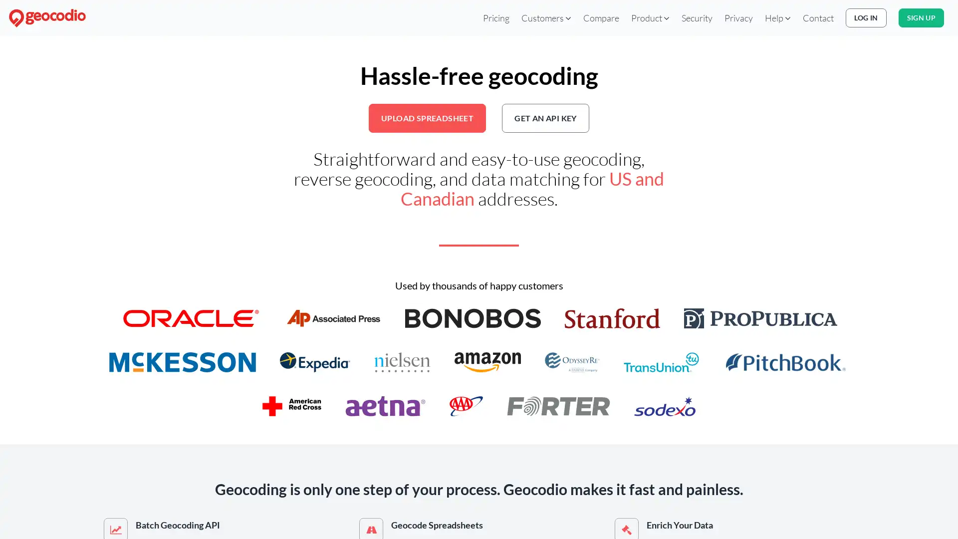 The width and height of the screenshot is (958, 539). What do you see at coordinates (545, 17) in the screenshot?
I see `Customers` at bounding box center [545, 17].